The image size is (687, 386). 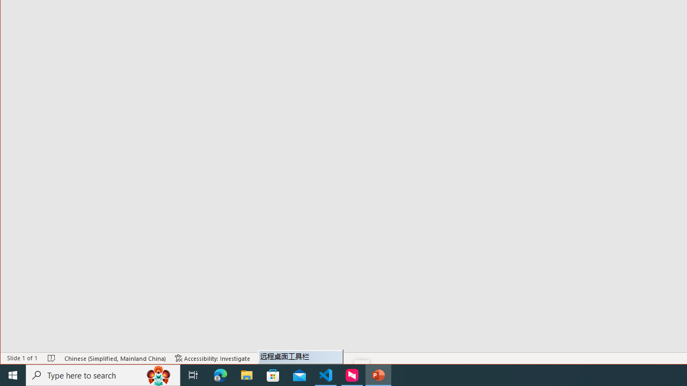 I want to click on 'Search highlights icon opens search home window', so click(x=158, y=374).